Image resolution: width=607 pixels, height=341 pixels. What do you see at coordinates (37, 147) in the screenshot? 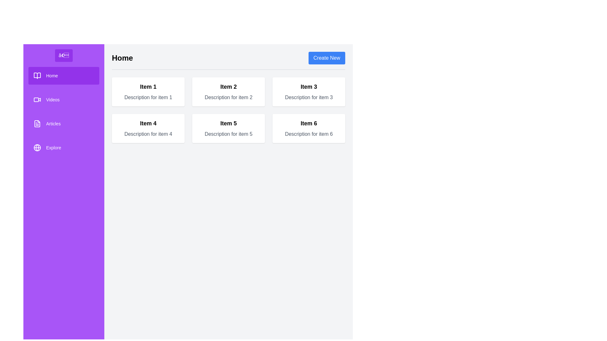
I see `the 'Explore' icon located in the vertical navigation bar, specifically the fourth item from the top` at bounding box center [37, 147].